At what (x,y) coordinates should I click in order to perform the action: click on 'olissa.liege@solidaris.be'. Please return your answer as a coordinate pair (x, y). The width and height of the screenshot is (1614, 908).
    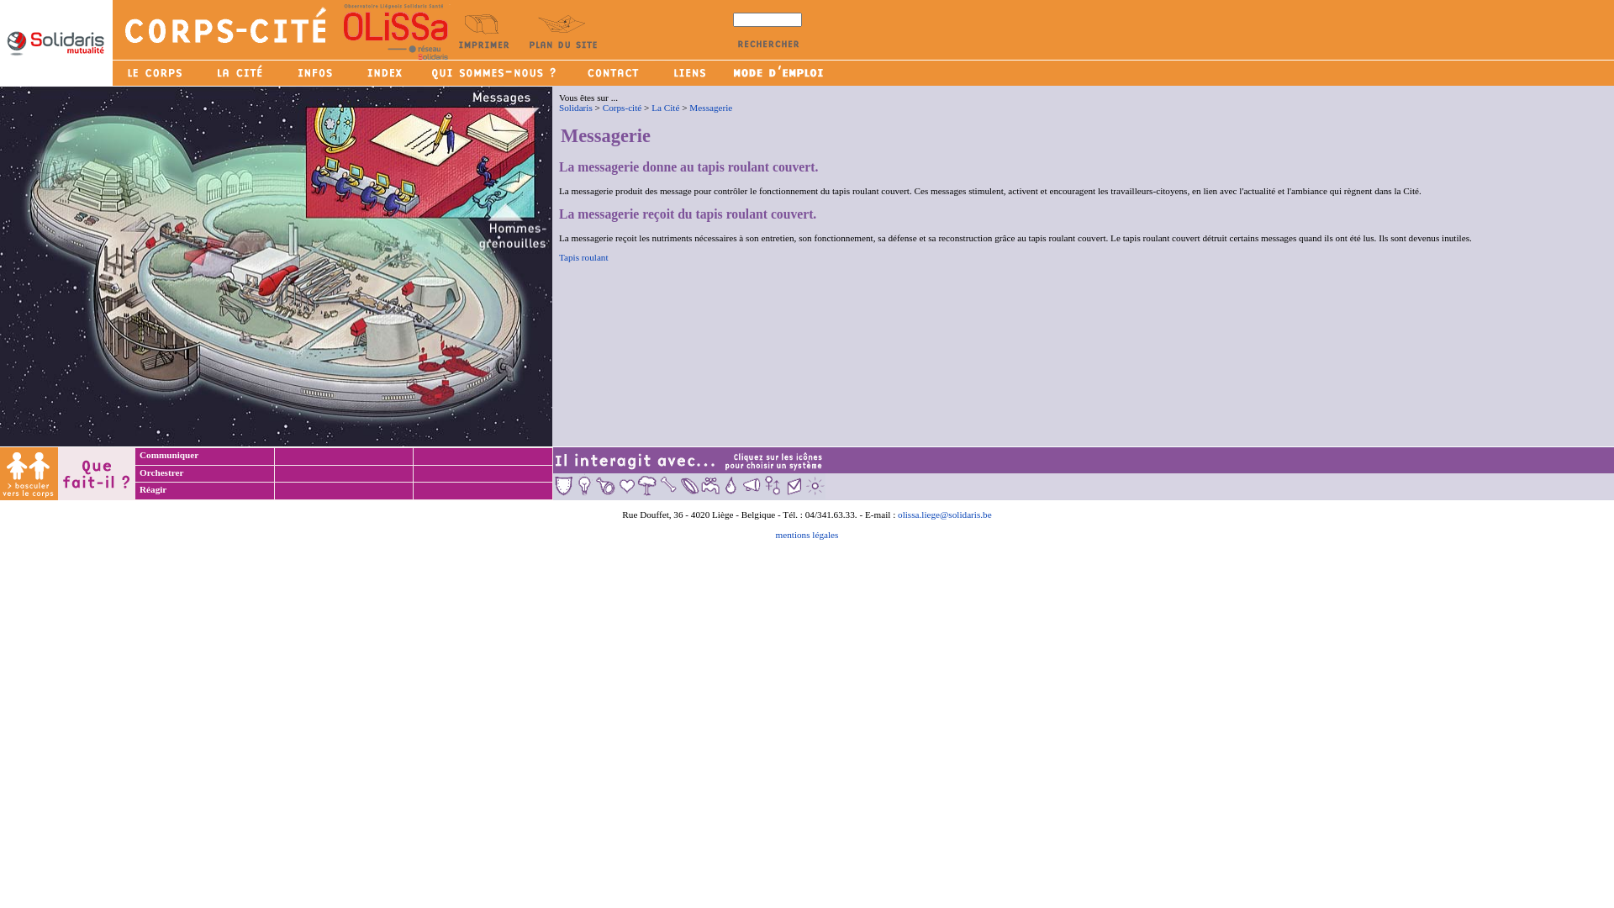
    Looking at the image, I should click on (944, 514).